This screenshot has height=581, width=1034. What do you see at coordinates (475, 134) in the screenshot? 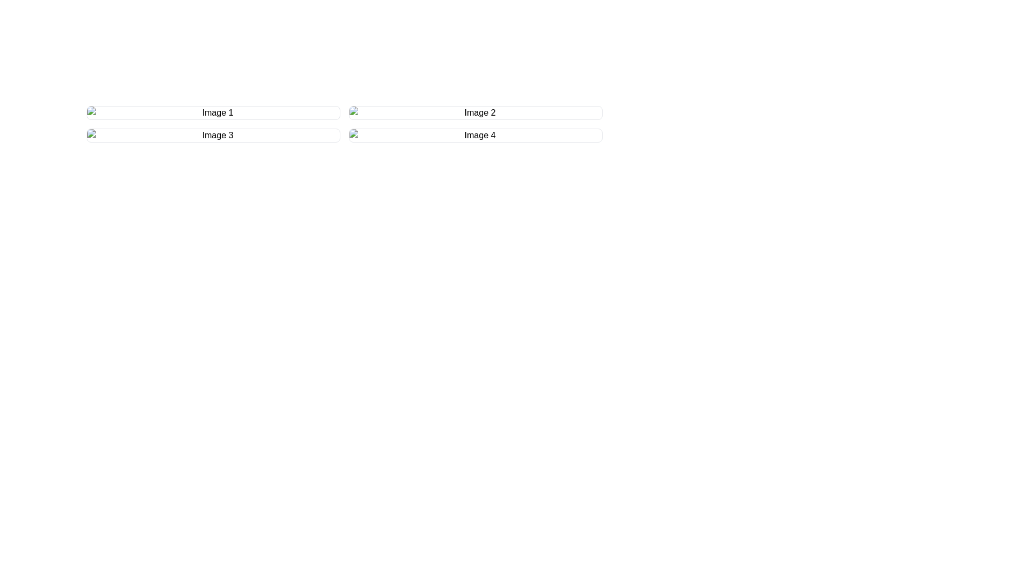
I see `the image display labeled 'Image 4', which is located below the second row of images as the first element on the right-hand side` at bounding box center [475, 134].